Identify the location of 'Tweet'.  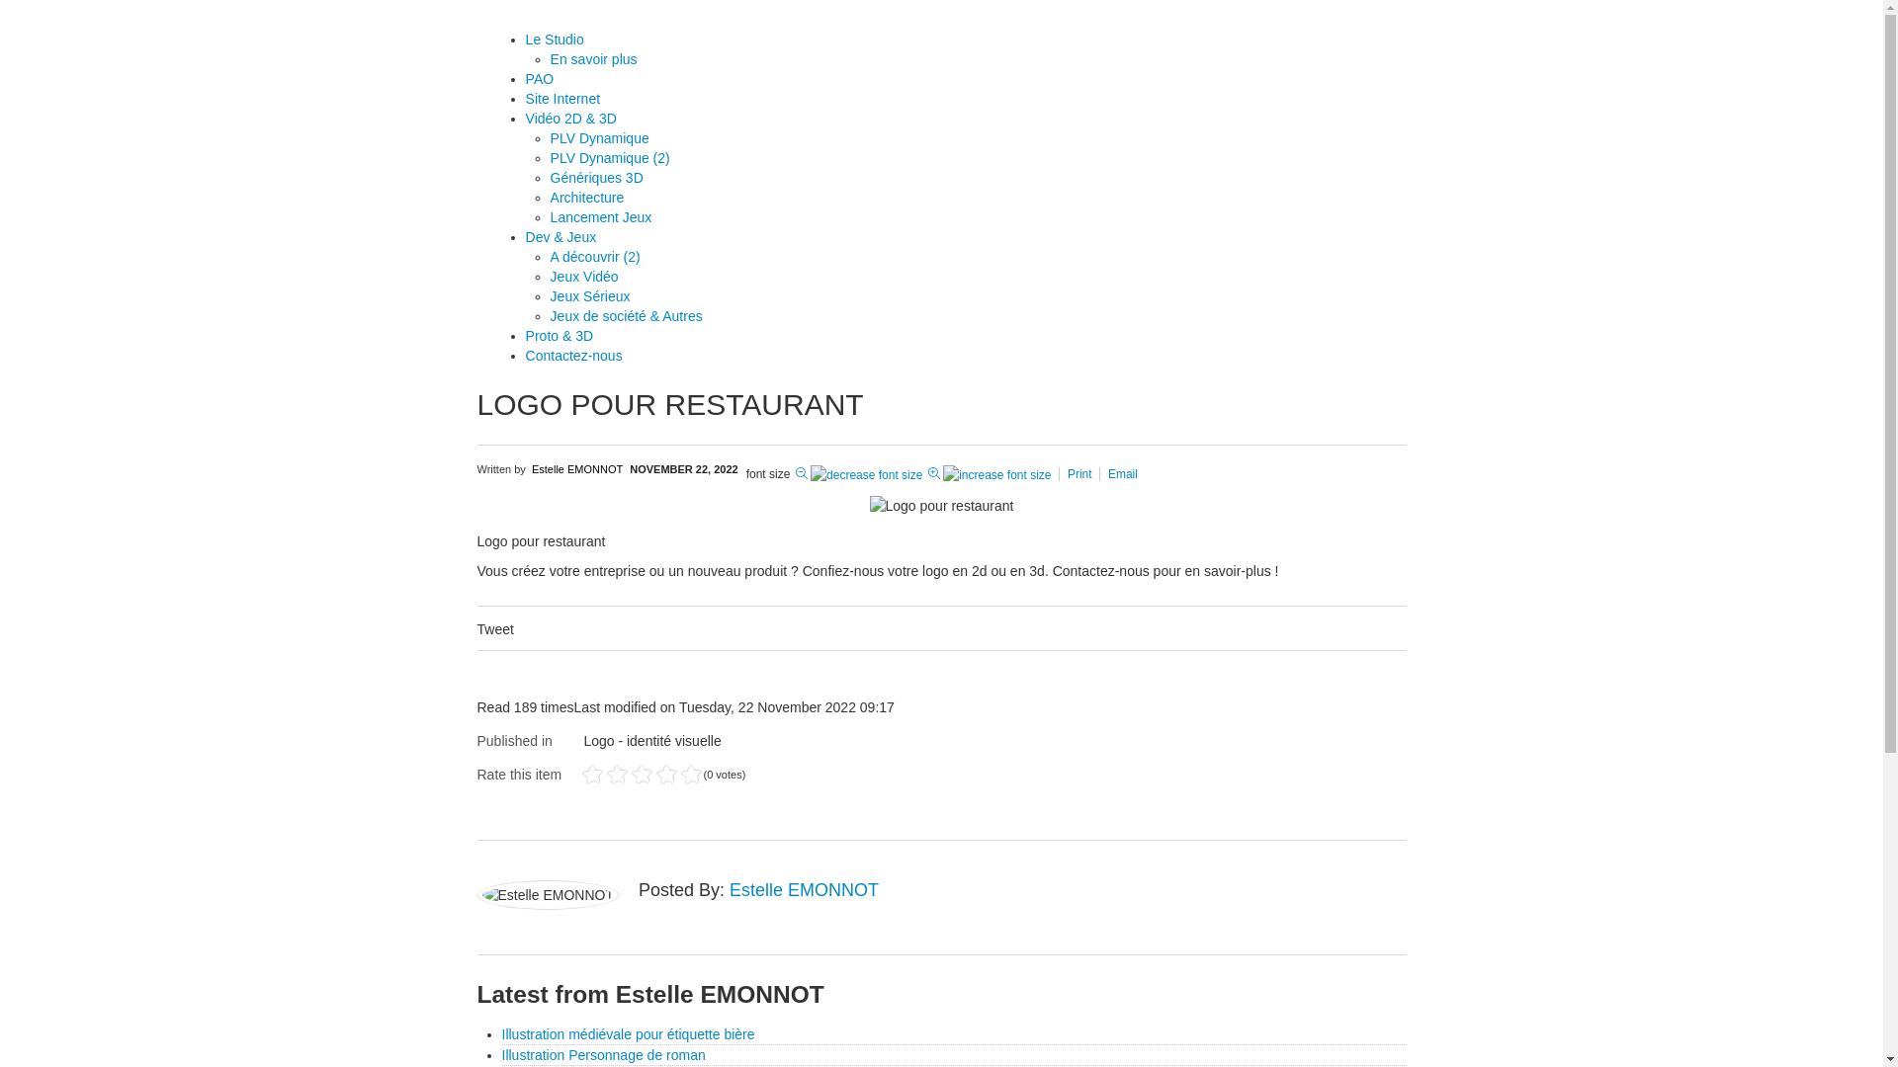
(494, 628).